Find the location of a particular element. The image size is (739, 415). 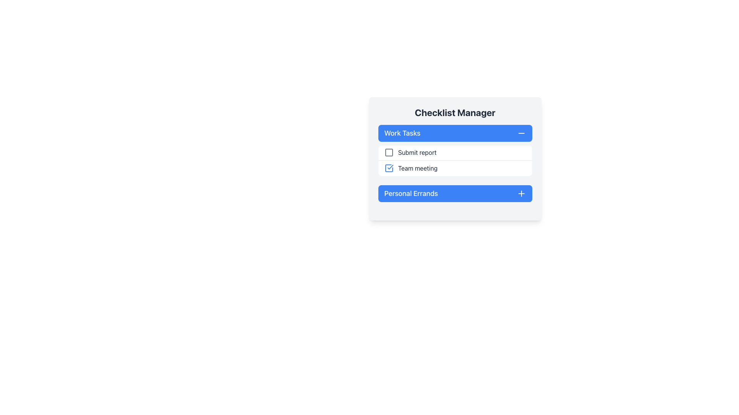

the checklist icon located in the first position from the left in the 'Work Tasks' section, next to the 'Submit report' text is located at coordinates (389, 153).